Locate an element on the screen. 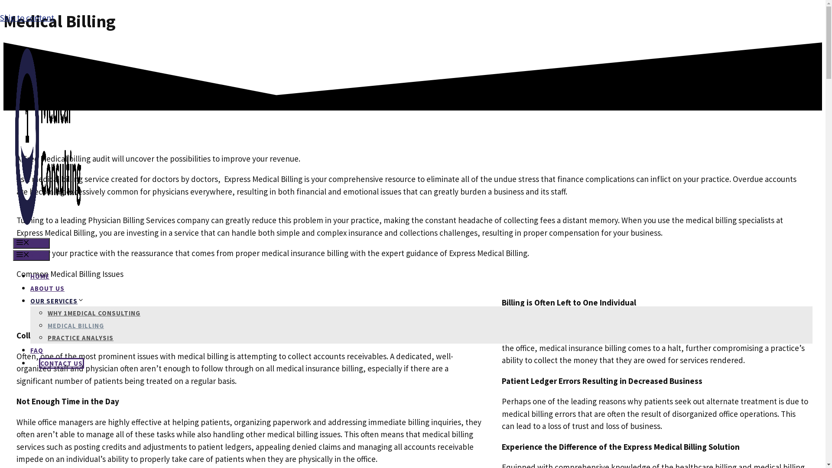  'Skip to content' is located at coordinates (27, 18).